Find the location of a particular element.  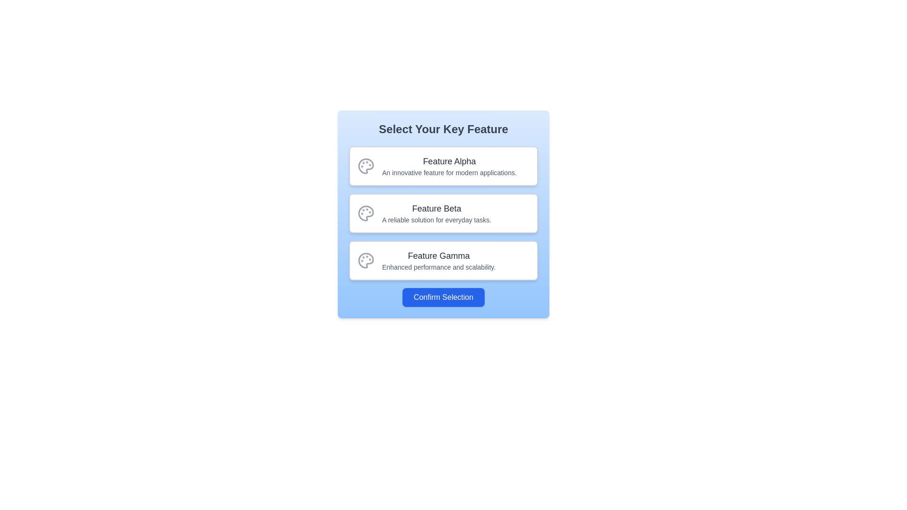

the interactive text block within the selection card to confirm the selection of the option, which is positioned between 'Feature Alpha' and 'Feature Gamma' is located at coordinates (436, 213).